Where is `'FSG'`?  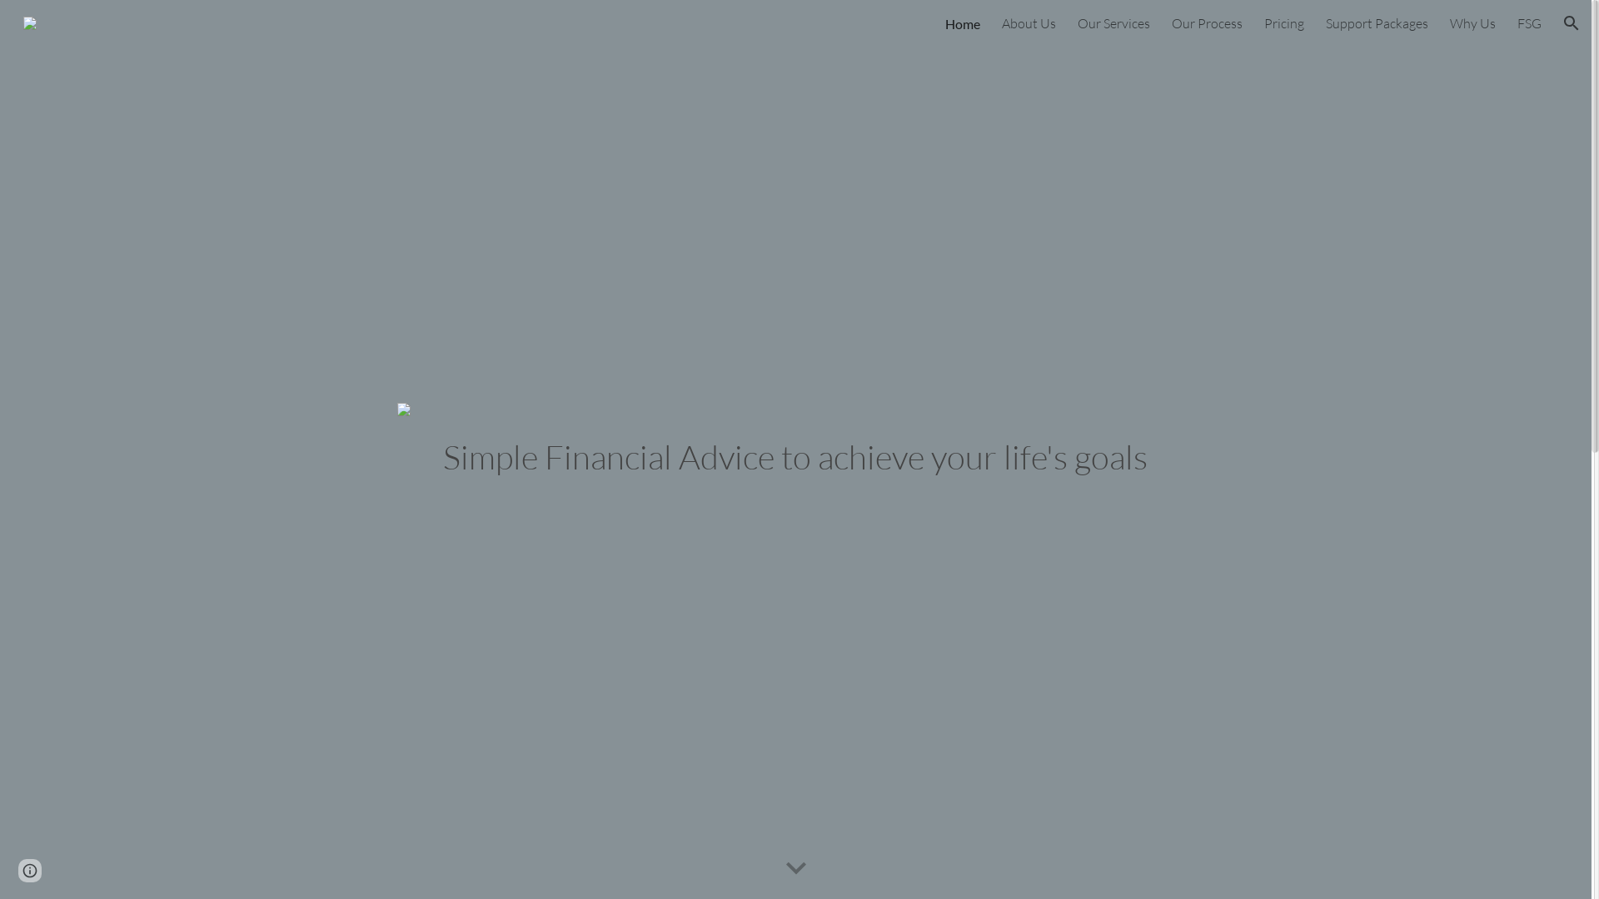 'FSG' is located at coordinates (1517, 22).